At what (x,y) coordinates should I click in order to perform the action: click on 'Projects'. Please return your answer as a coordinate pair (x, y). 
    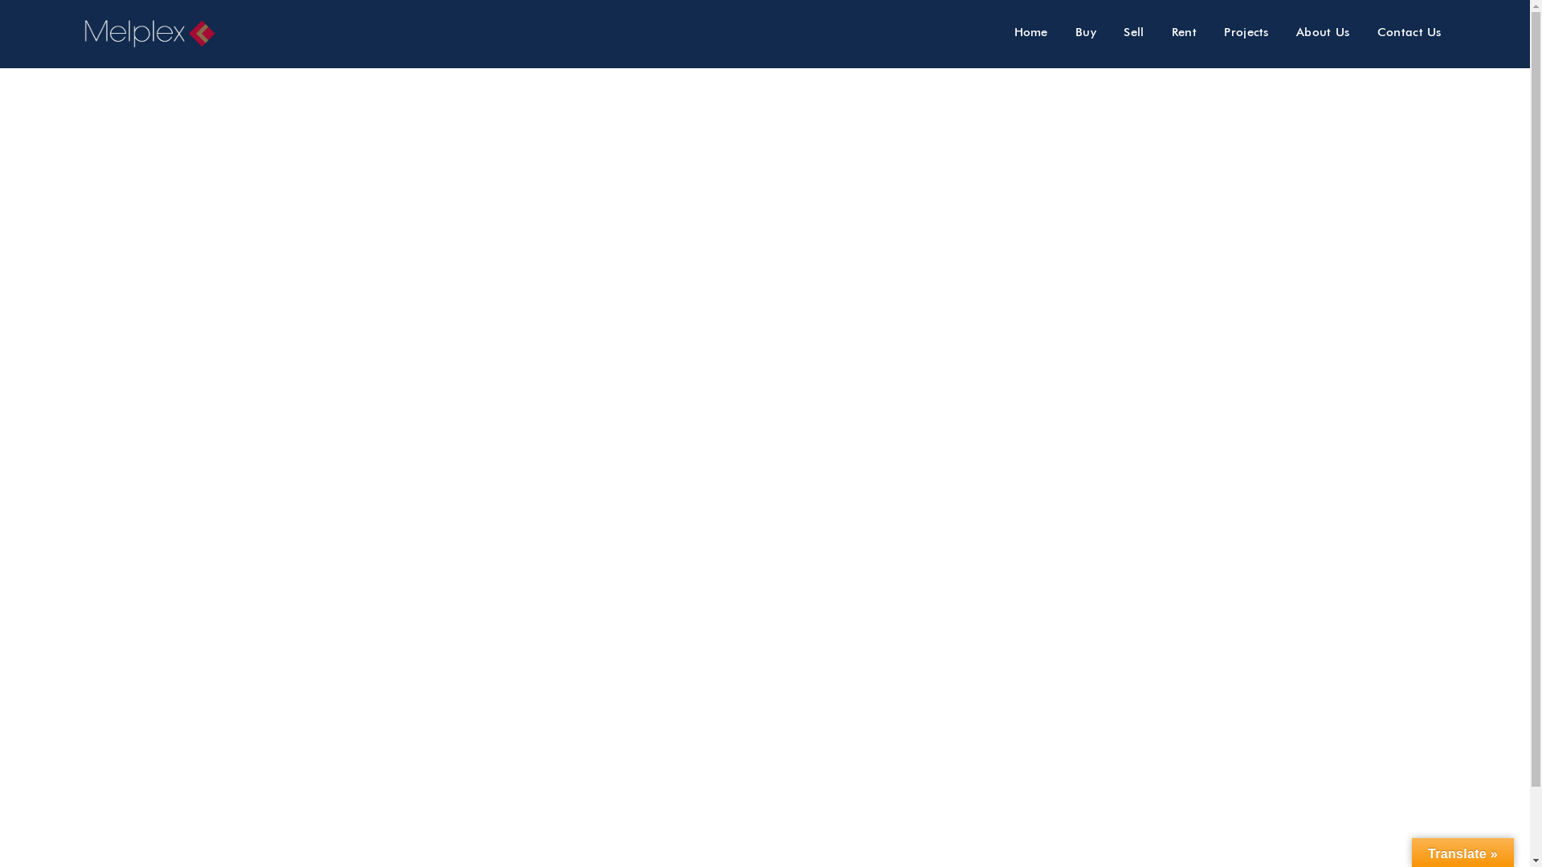
    Looking at the image, I should click on (1245, 31).